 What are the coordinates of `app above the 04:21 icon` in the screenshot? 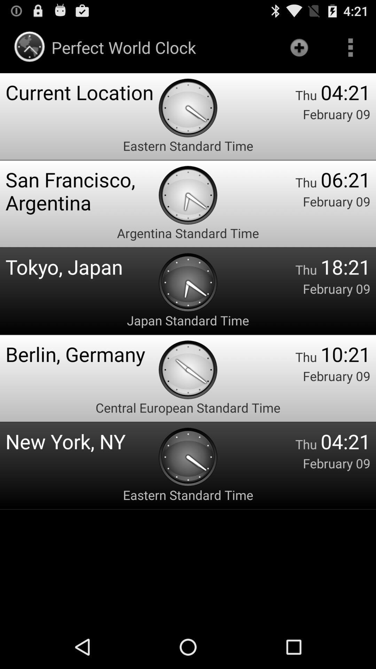 It's located at (350, 47).